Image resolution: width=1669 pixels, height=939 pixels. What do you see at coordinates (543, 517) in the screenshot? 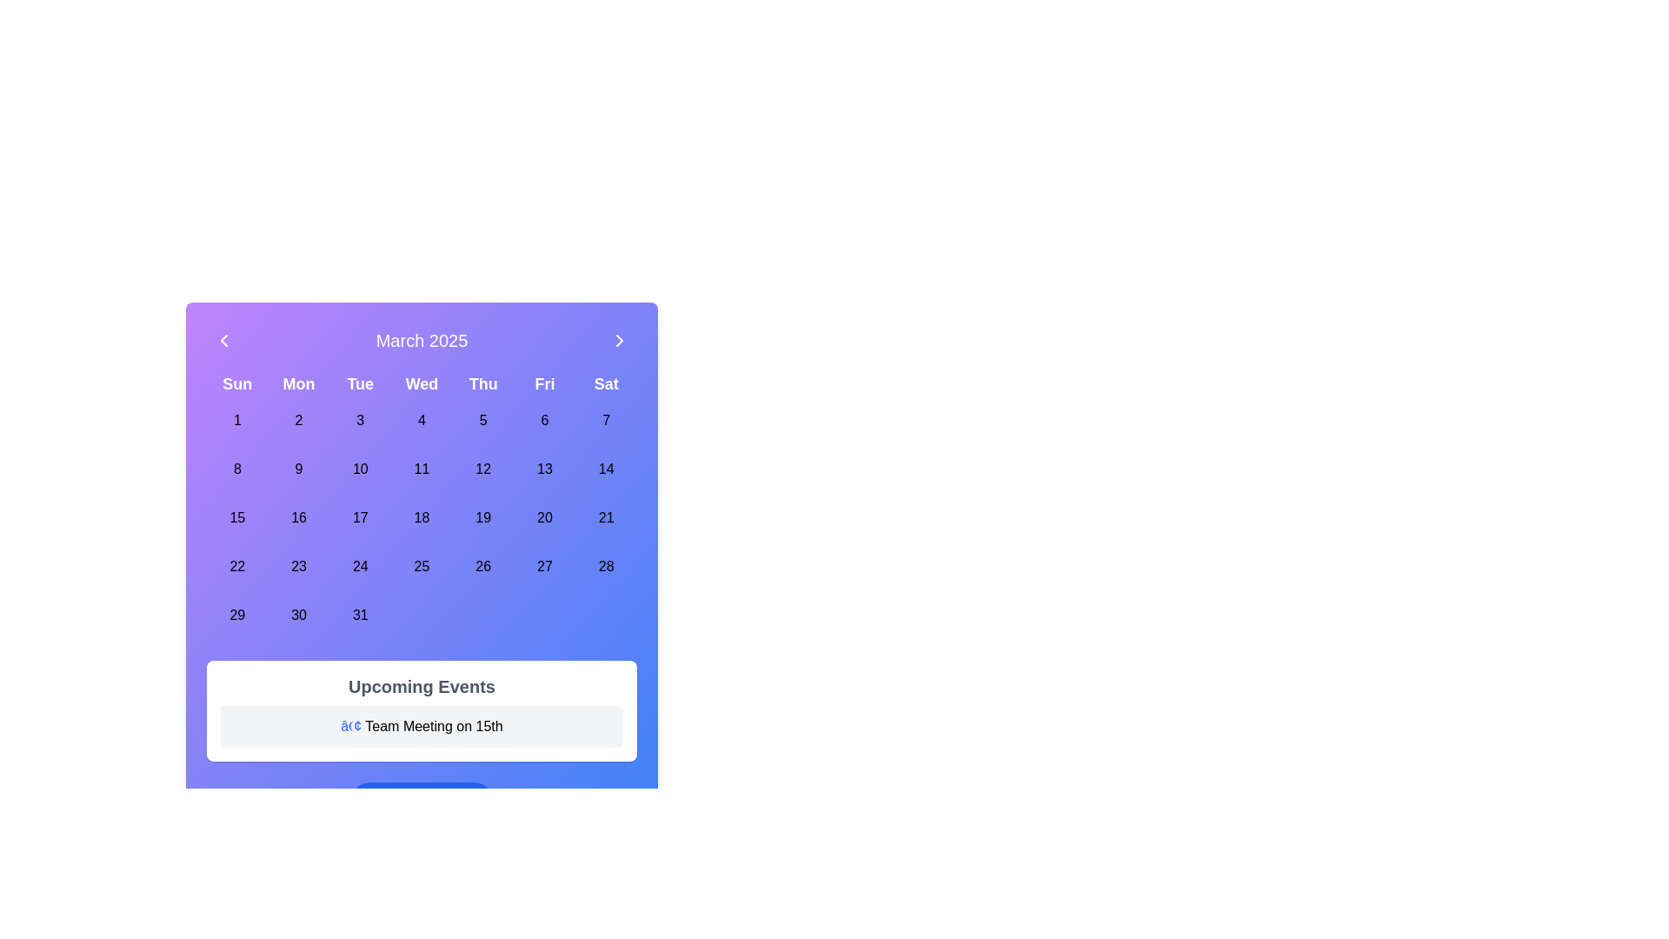
I see `the date picker button corresponding to '20' under the header 'Fri' in the calendar interface` at bounding box center [543, 517].